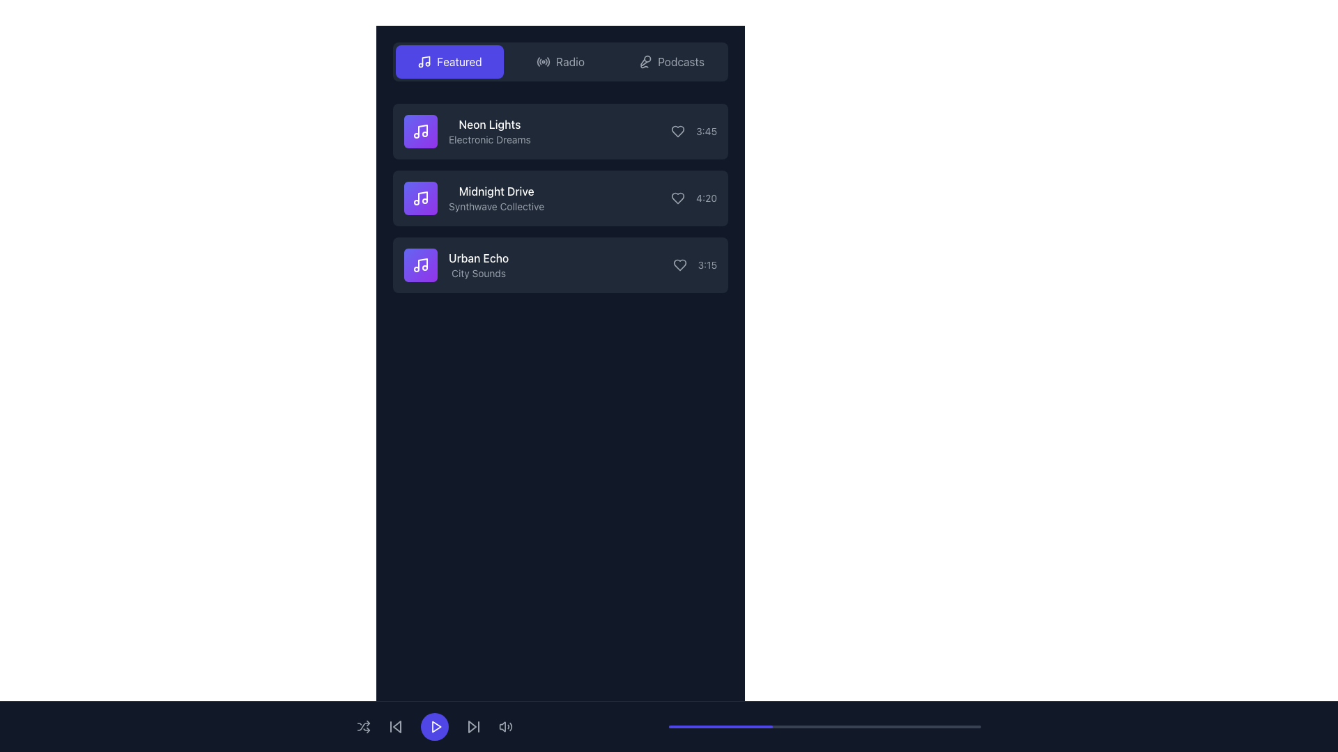 The height and width of the screenshot is (752, 1338). What do you see at coordinates (695, 265) in the screenshot?
I see `the timestamp text displaying '3:15' at the bottom-right of the 'Urban Echo' item, which is styled in a smaller font size and light gray color, located at the third position in the list of cards` at bounding box center [695, 265].